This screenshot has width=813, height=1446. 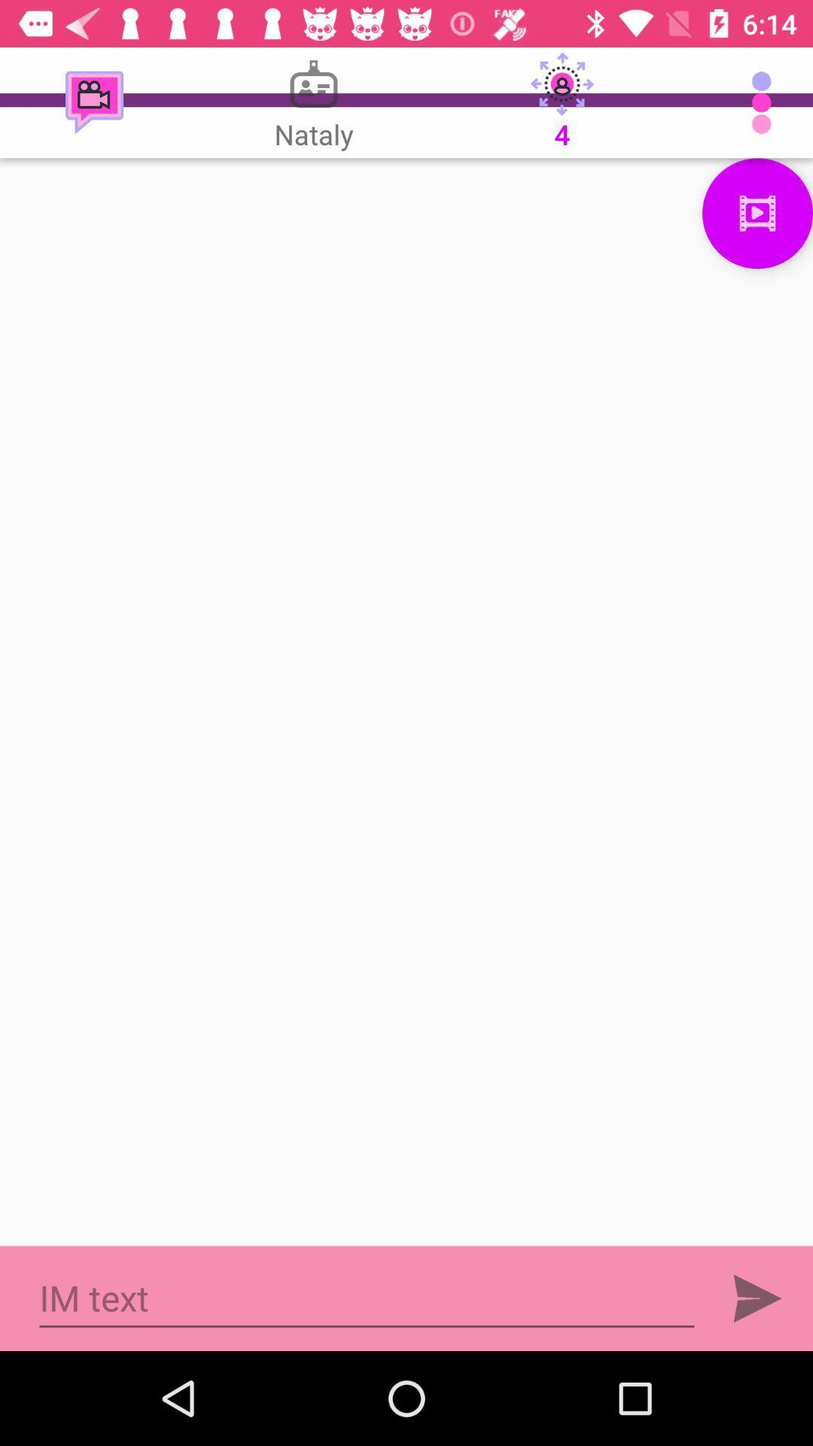 I want to click on insert message, so click(x=367, y=1298).